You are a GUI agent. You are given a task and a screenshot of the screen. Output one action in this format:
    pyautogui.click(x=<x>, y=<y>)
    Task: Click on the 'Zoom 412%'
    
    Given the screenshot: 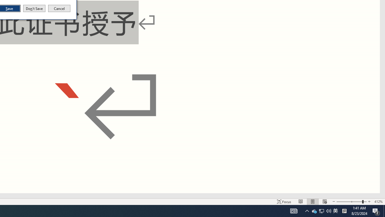 What is the action you would take?
    pyautogui.click(x=376, y=210)
    